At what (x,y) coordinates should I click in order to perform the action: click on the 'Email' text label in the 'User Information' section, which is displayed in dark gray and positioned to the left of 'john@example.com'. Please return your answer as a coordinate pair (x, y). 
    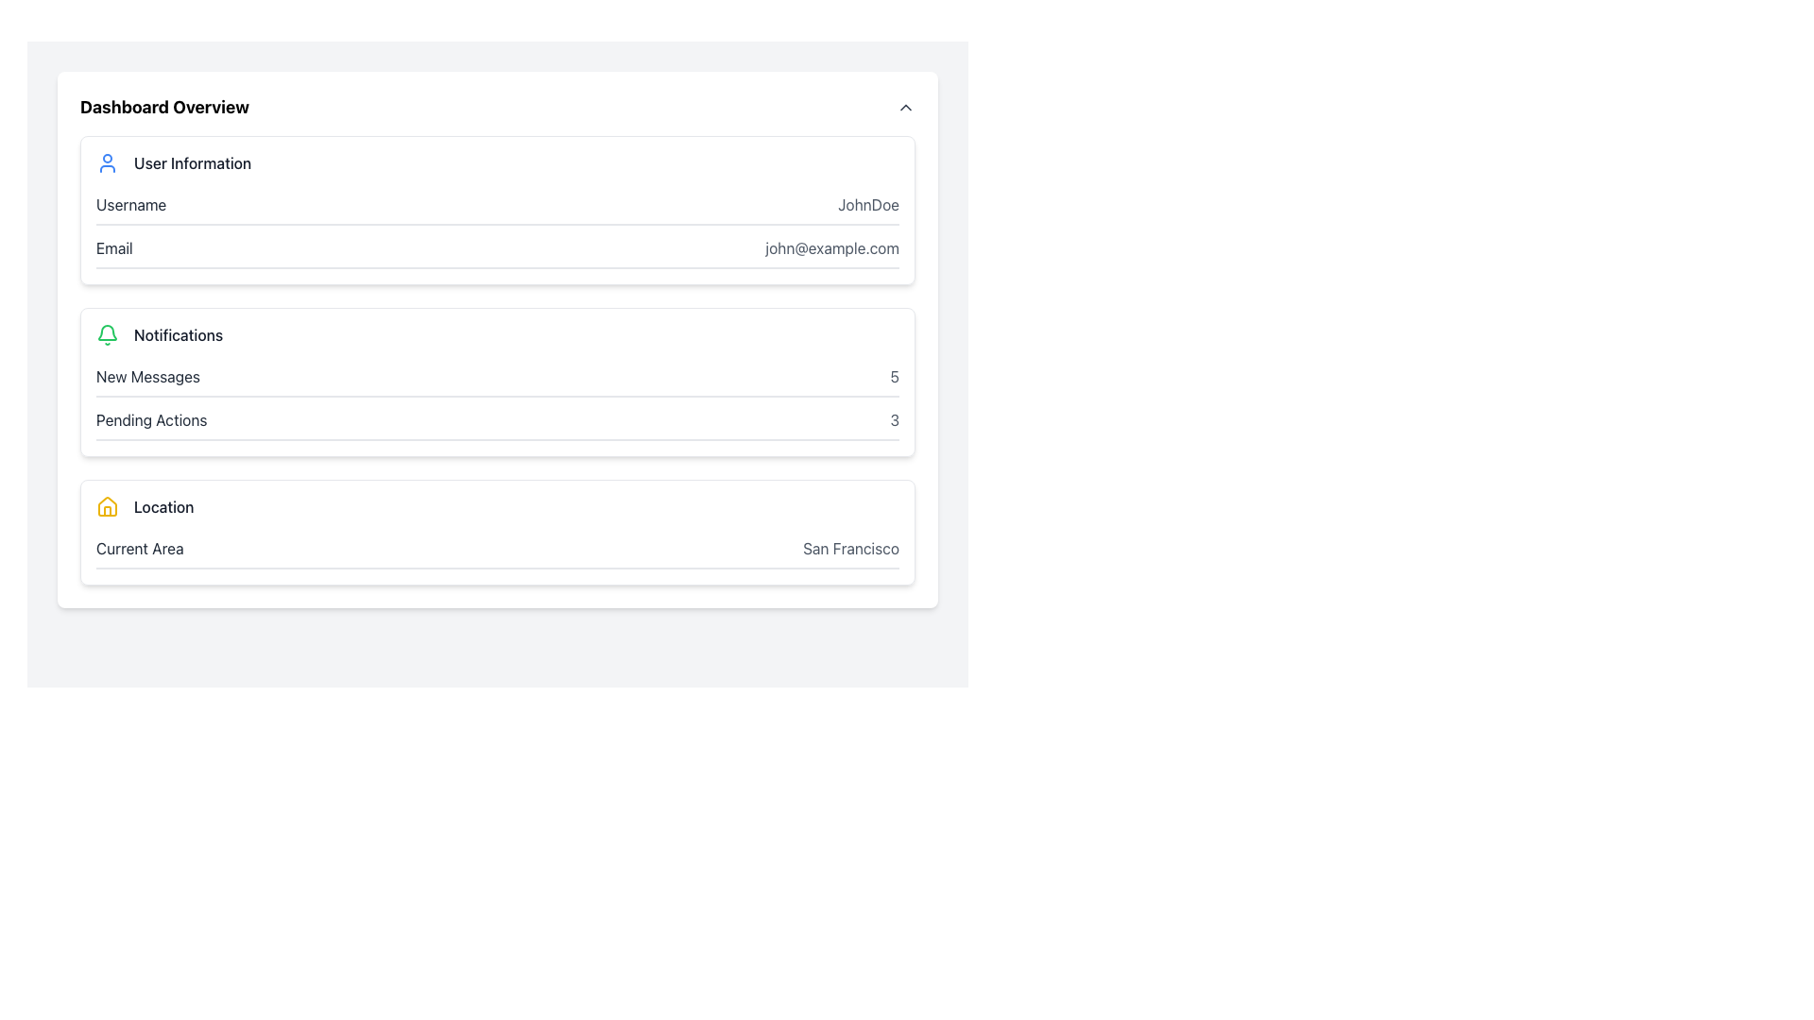
    Looking at the image, I should click on (113, 246).